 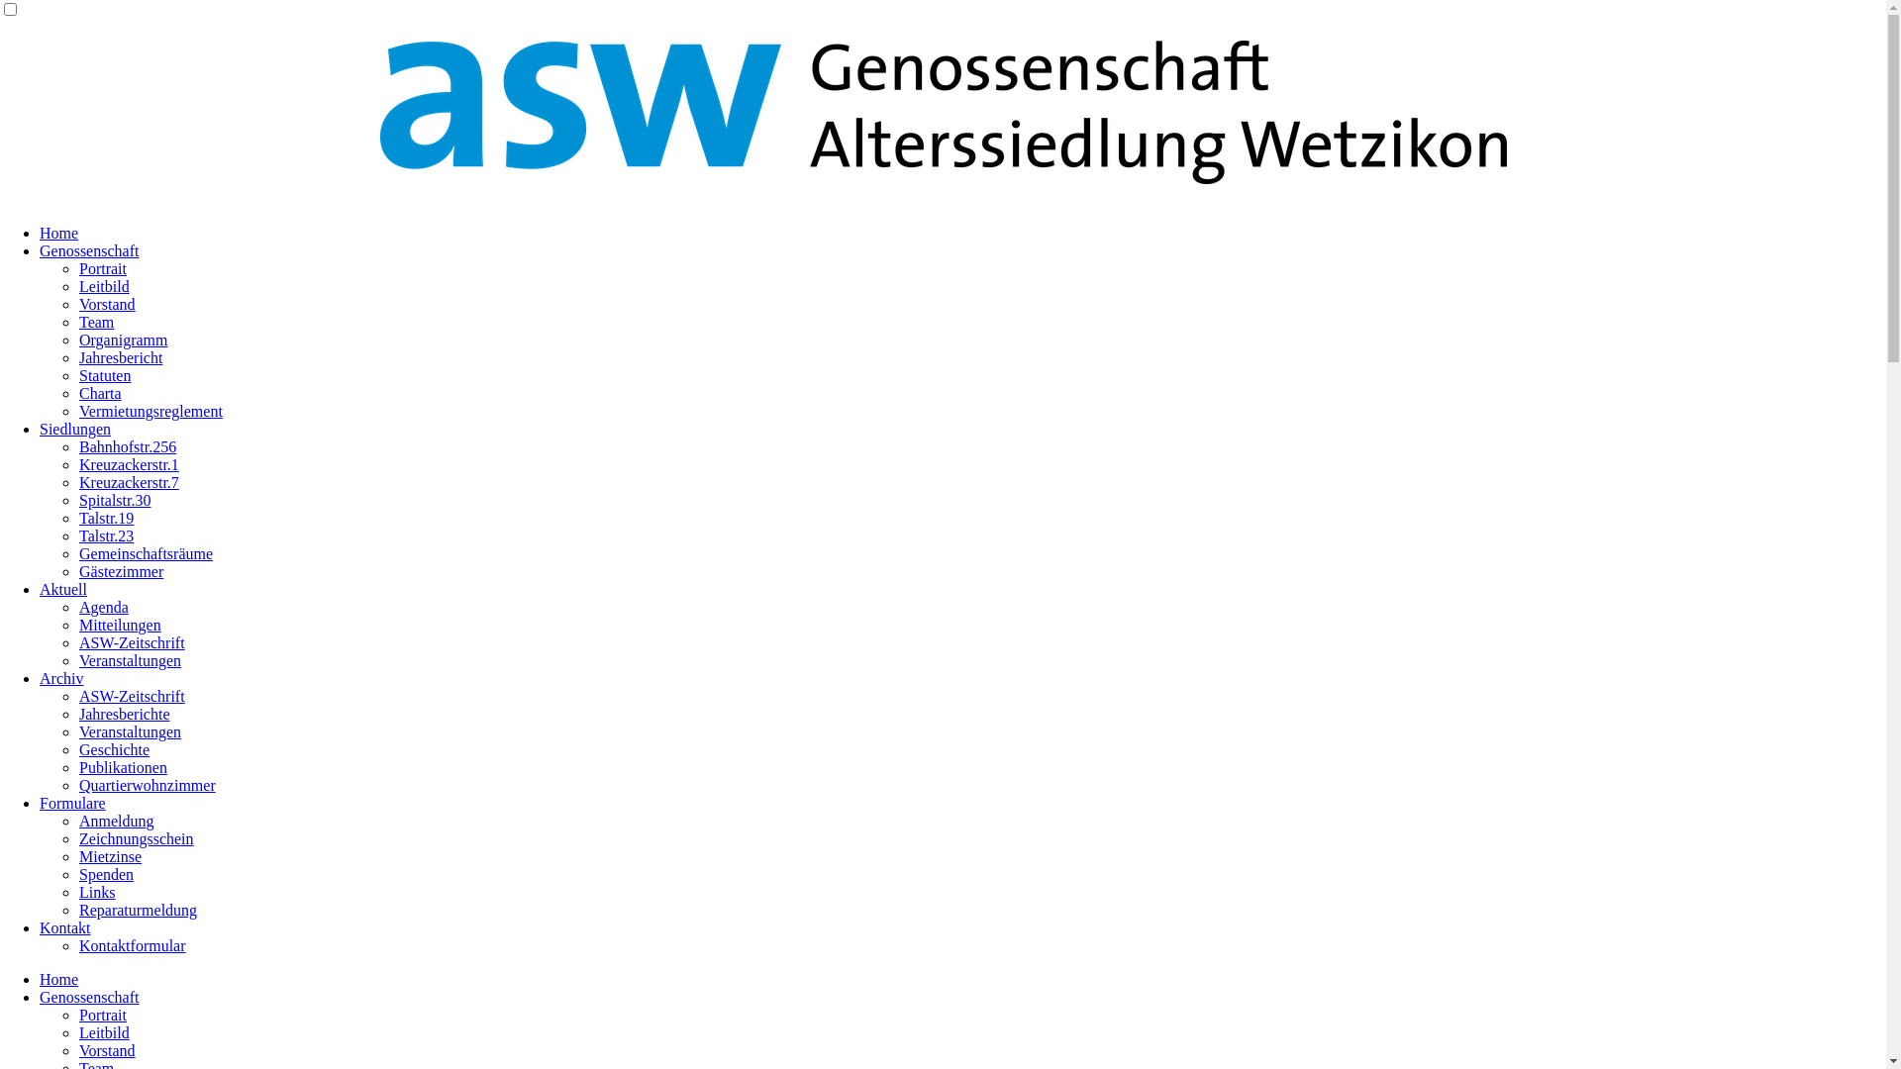 What do you see at coordinates (65, 927) in the screenshot?
I see `'Kontakt'` at bounding box center [65, 927].